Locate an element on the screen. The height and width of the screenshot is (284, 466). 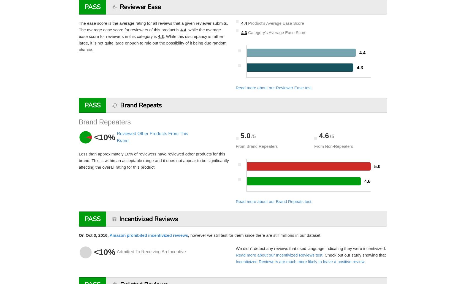
'We didn't detect any reviews that used language indicating they were incentivized.' is located at coordinates (311, 248).